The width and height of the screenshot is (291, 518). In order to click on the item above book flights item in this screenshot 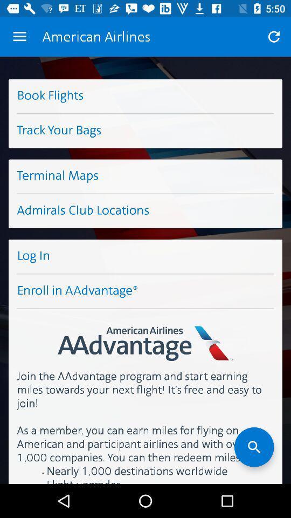, I will do `click(19, 37)`.